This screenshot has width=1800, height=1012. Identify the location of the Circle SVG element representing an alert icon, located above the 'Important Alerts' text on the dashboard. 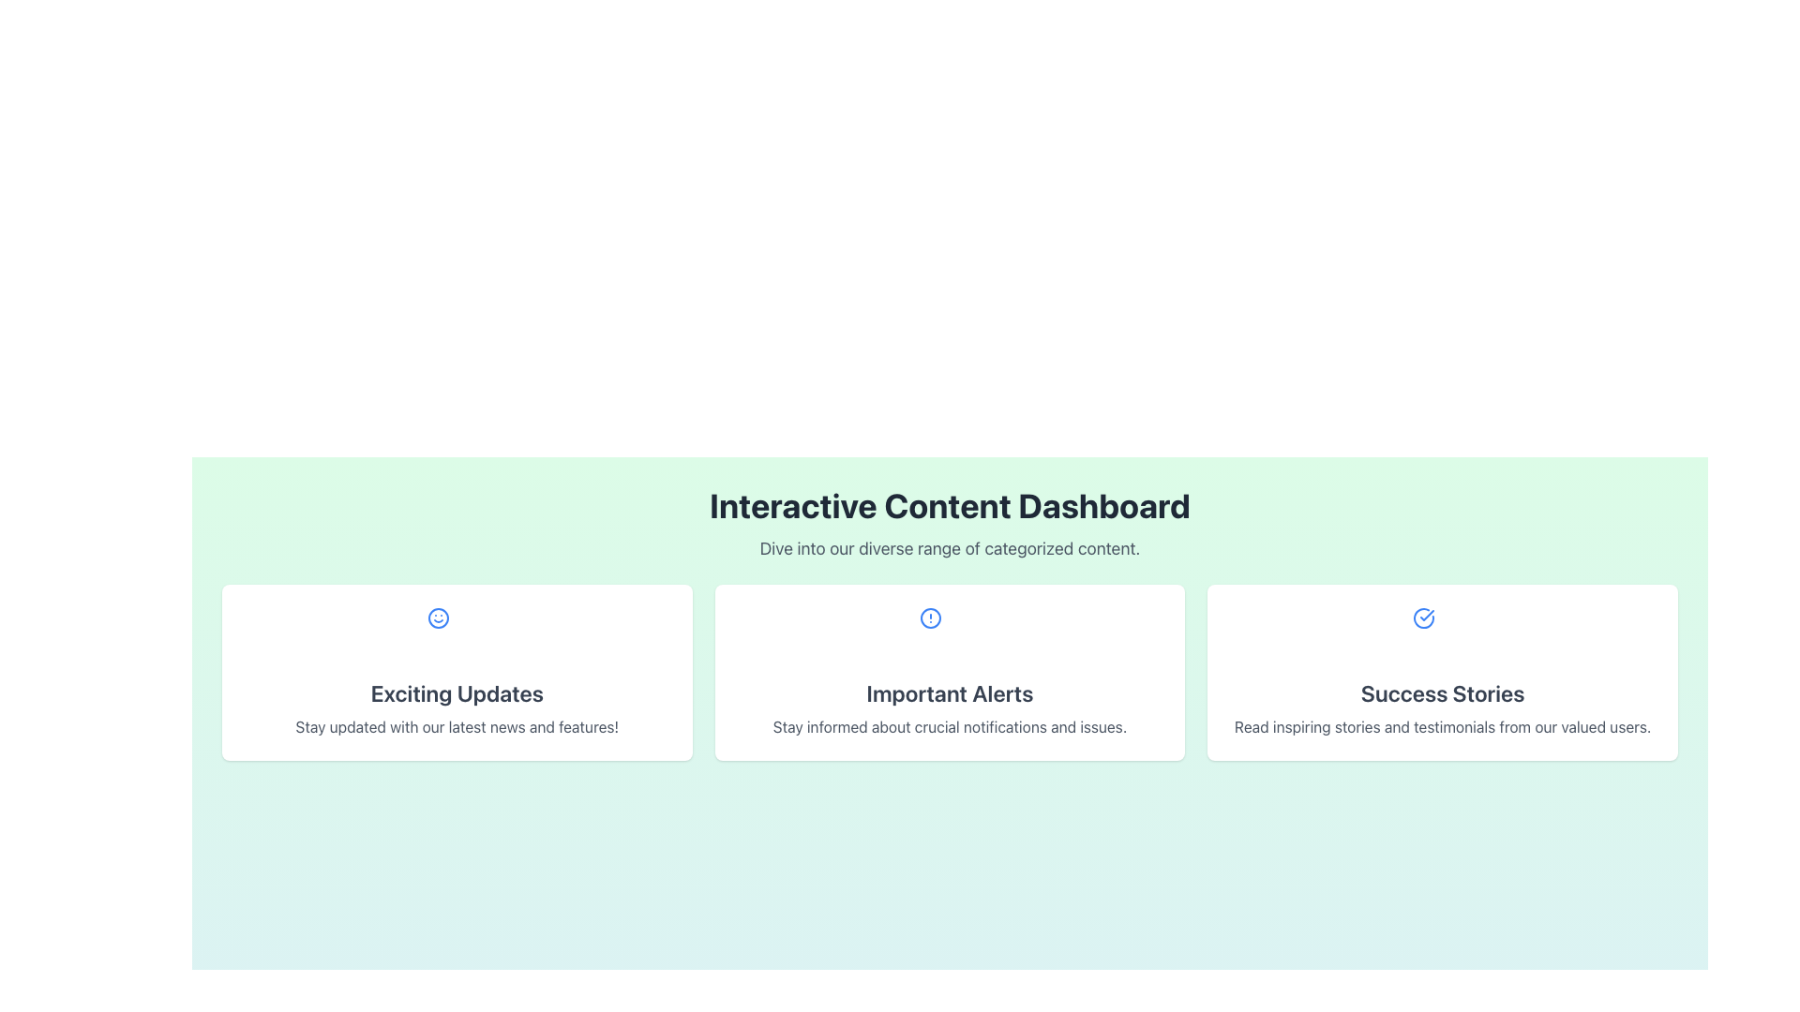
(931, 618).